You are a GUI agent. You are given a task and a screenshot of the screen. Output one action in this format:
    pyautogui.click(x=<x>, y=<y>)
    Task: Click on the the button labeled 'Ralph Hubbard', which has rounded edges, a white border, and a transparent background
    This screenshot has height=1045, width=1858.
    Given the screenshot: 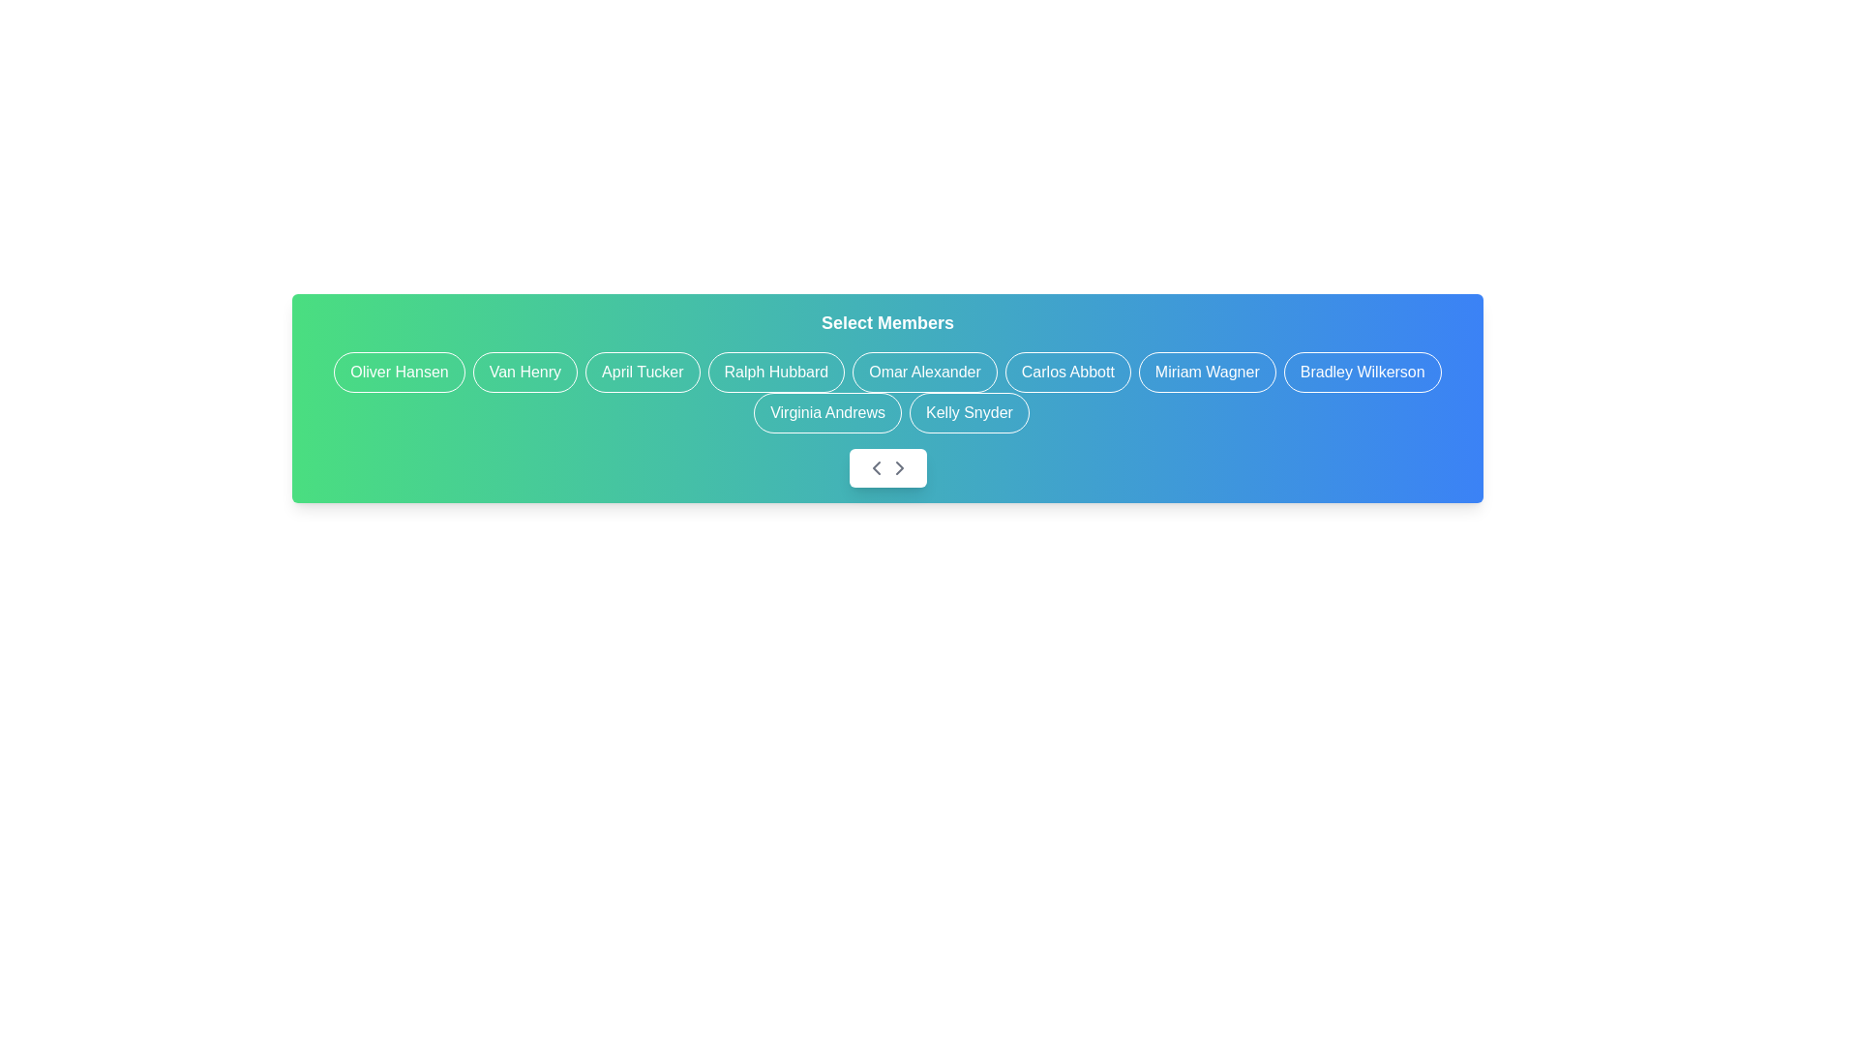 What is the action you would take?
    pyautogui.click(x=776, y=373)
    